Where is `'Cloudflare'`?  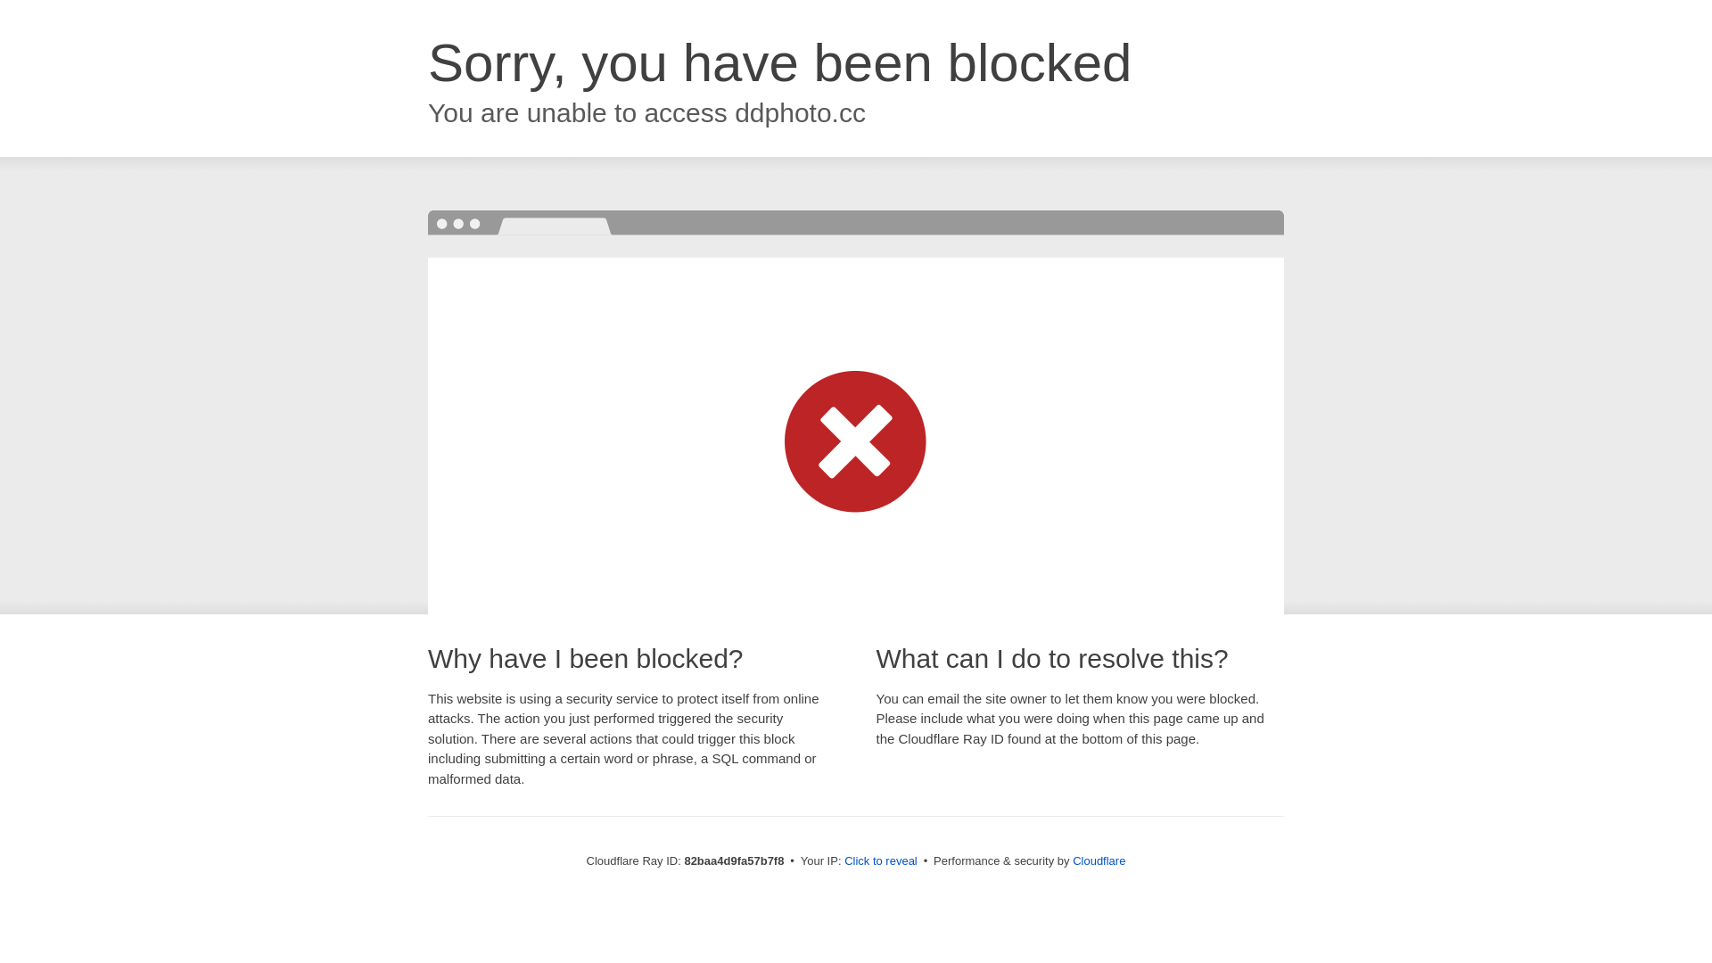 'Cloudflare' is located at coordinates (1098, 860).